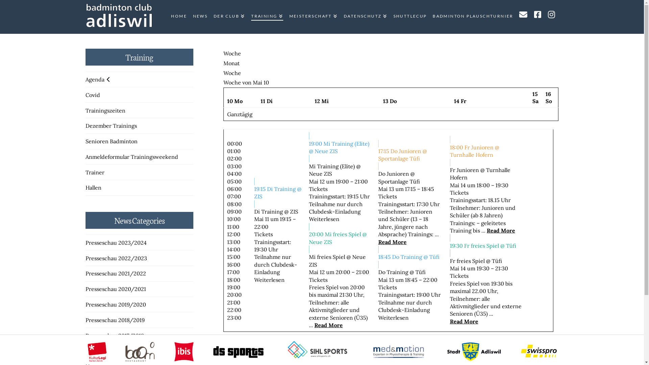  Describe the element at coordinates (535, 97) in the screenshot. I see `'15 Sa'` at that location.